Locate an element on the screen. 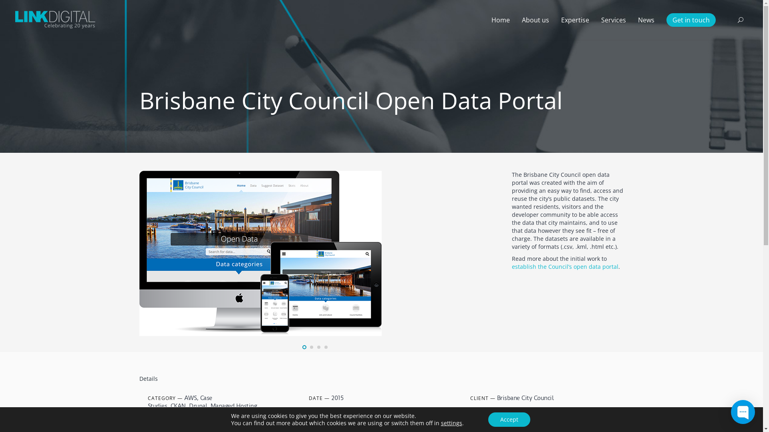 The image size is (769, 432). 'Accept' is located at coordinates (509, 419).